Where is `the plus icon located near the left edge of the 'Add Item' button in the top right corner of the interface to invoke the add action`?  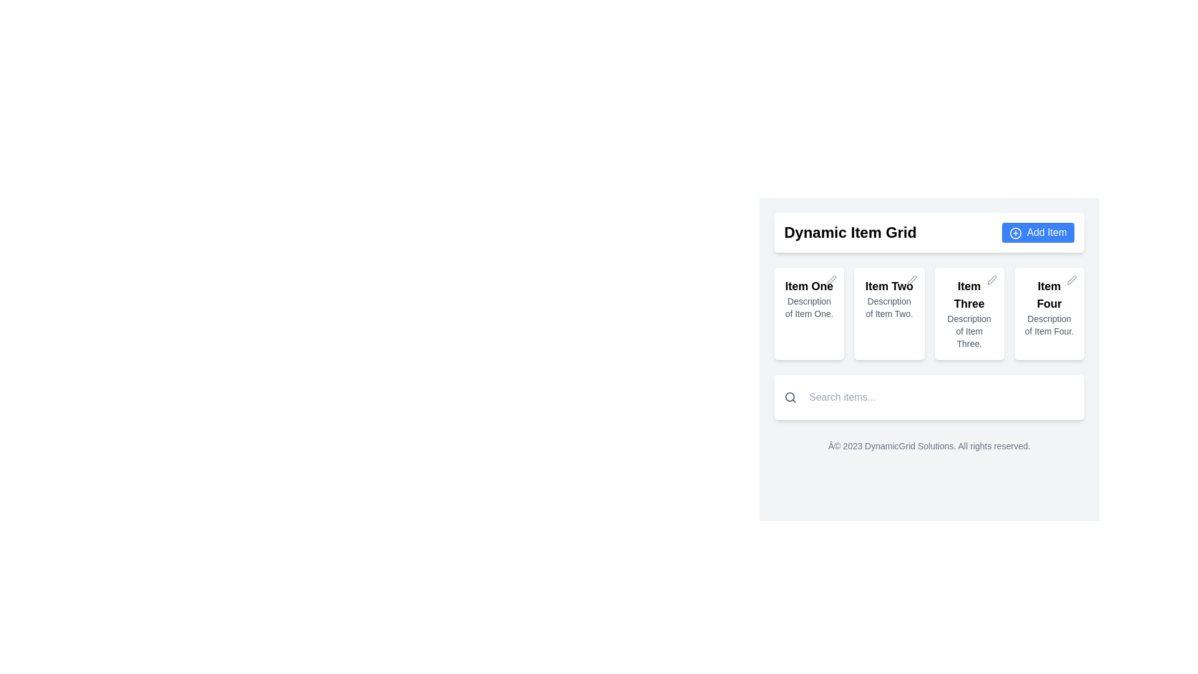
the plus icon located near the left edge of the 'Add Item' button in the top right corner of the interface to invoke the add action is located at coordinates (1015, 233).